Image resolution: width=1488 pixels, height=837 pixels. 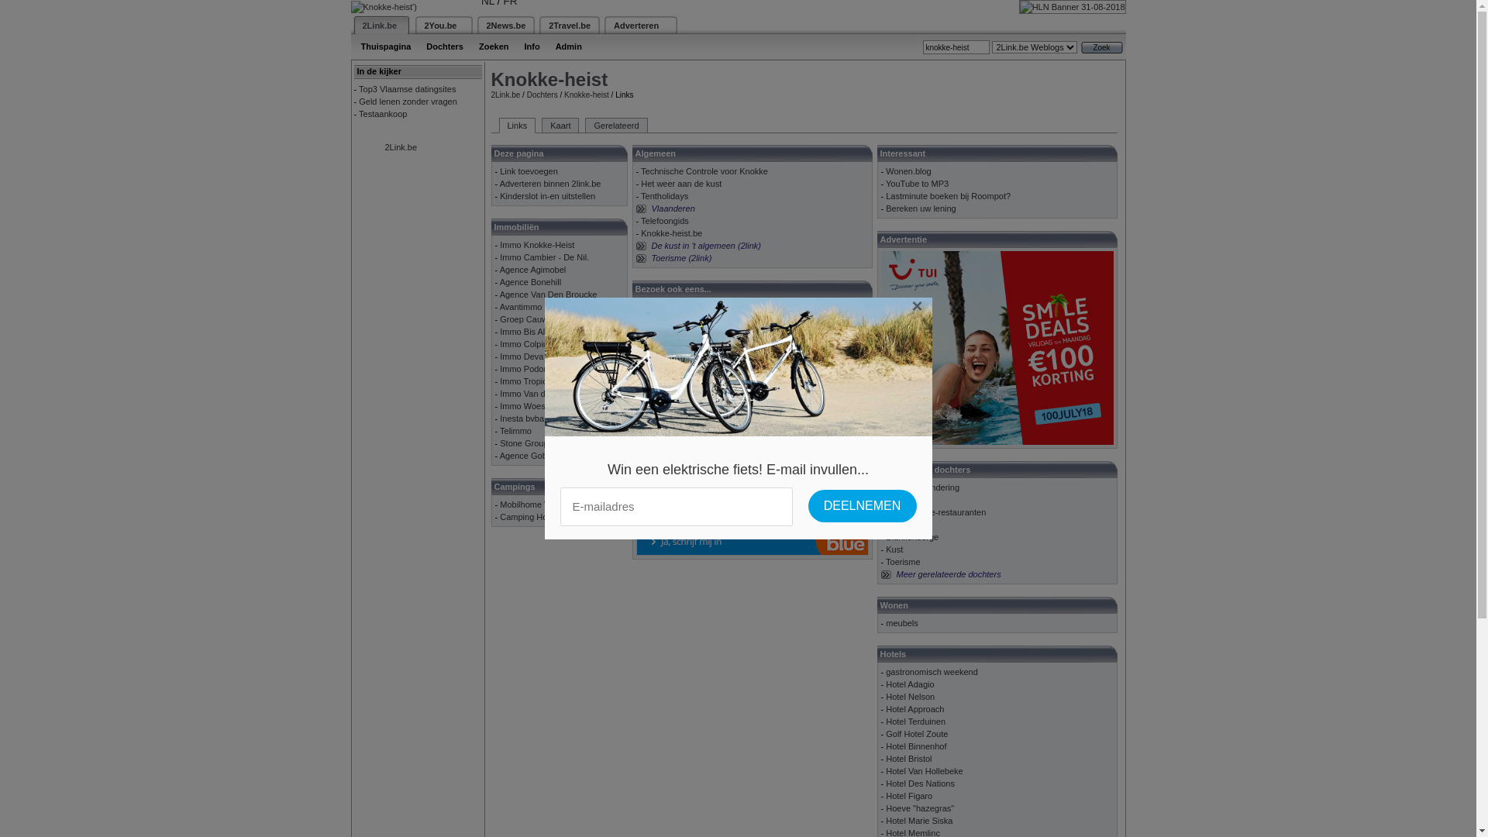 I want to click on 'Groep Cauwe', so click(x=499, y=319).